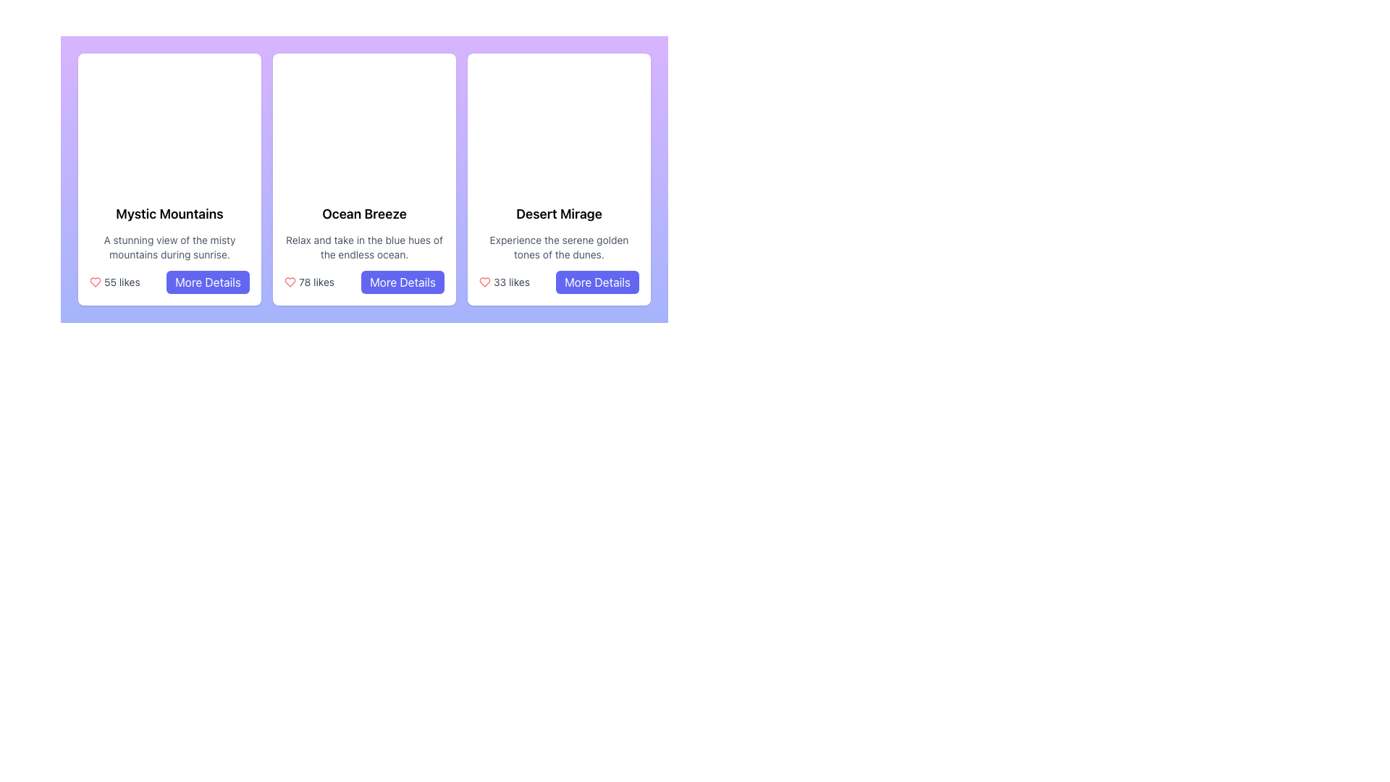 The image size is (1390, 782). I want to click on the 'More Details' button located beneath the '33 likes' text label in the bottom section of the 'Desert Mirage' card, so click(558, 282).